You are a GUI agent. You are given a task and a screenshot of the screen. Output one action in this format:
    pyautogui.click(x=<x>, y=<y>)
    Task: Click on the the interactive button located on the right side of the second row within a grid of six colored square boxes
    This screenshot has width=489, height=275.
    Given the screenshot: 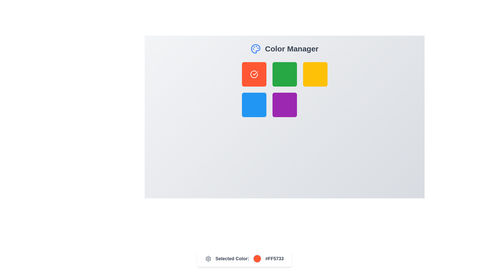 What is the action you would take?
    pyautogui.click(x=315, y=74)
    